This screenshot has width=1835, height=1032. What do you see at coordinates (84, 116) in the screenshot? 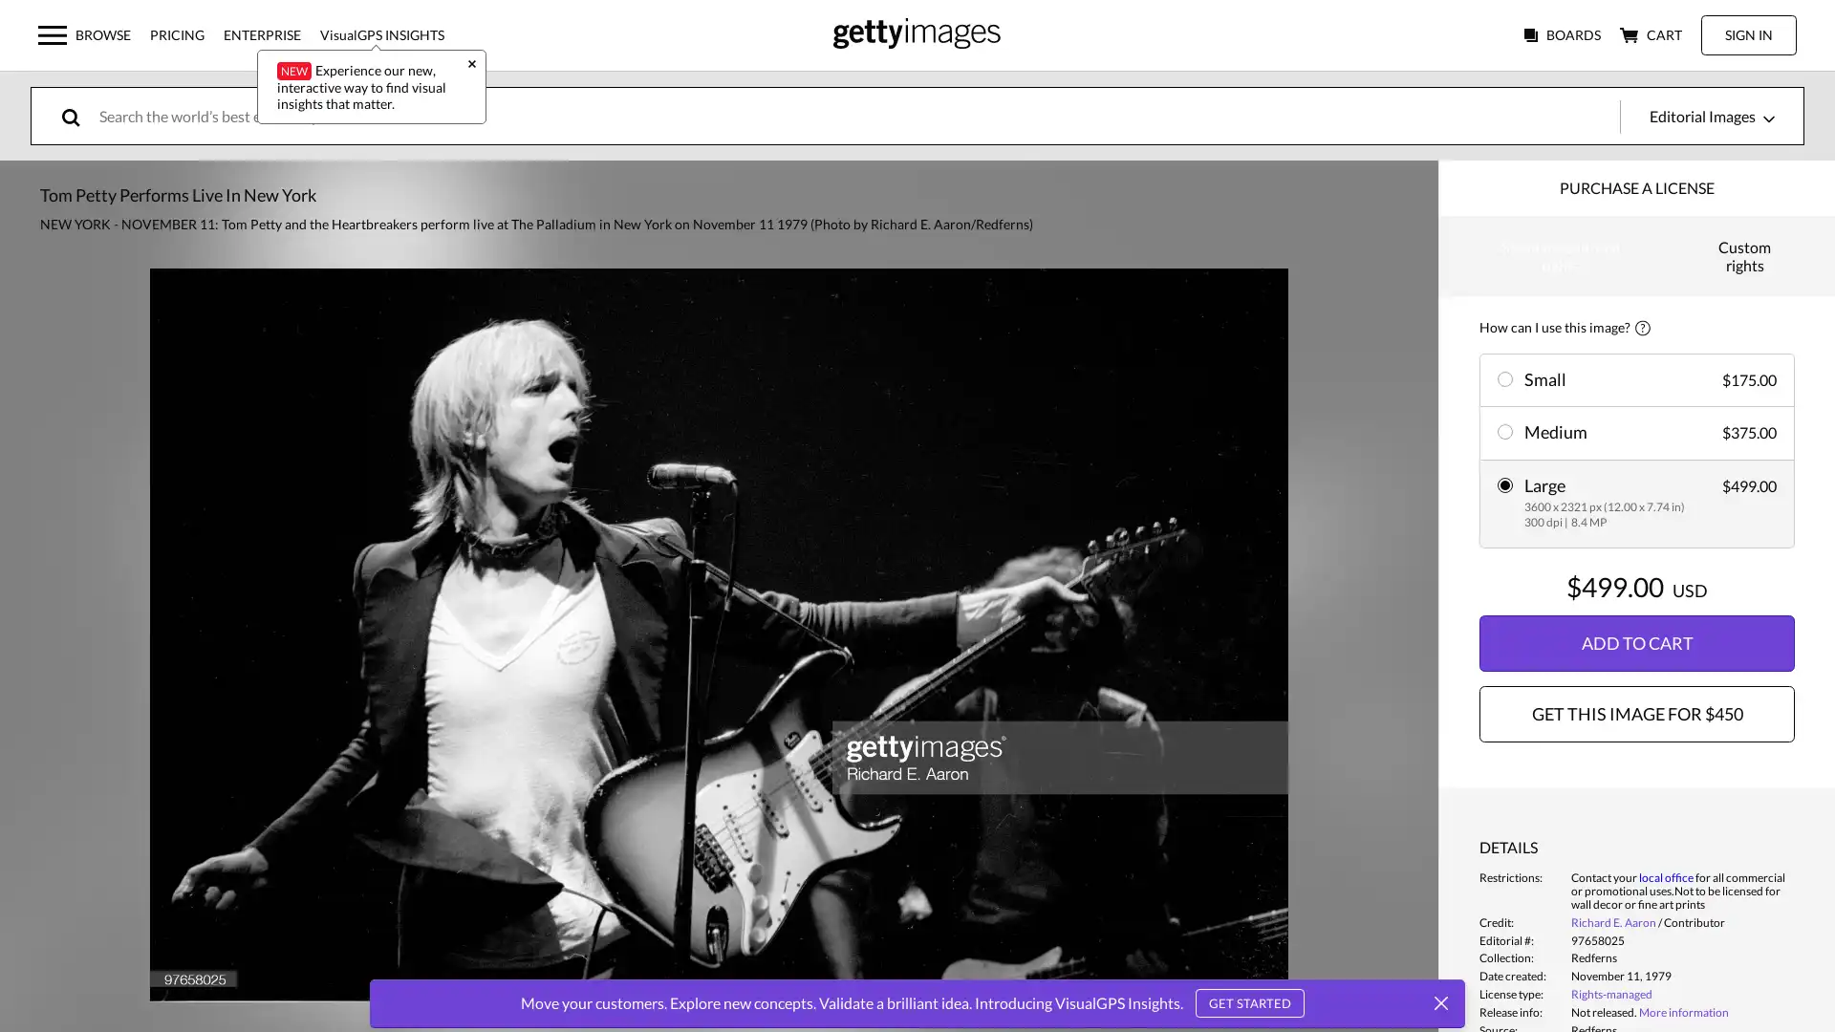
I see `search` at bounding box center [84, 116].